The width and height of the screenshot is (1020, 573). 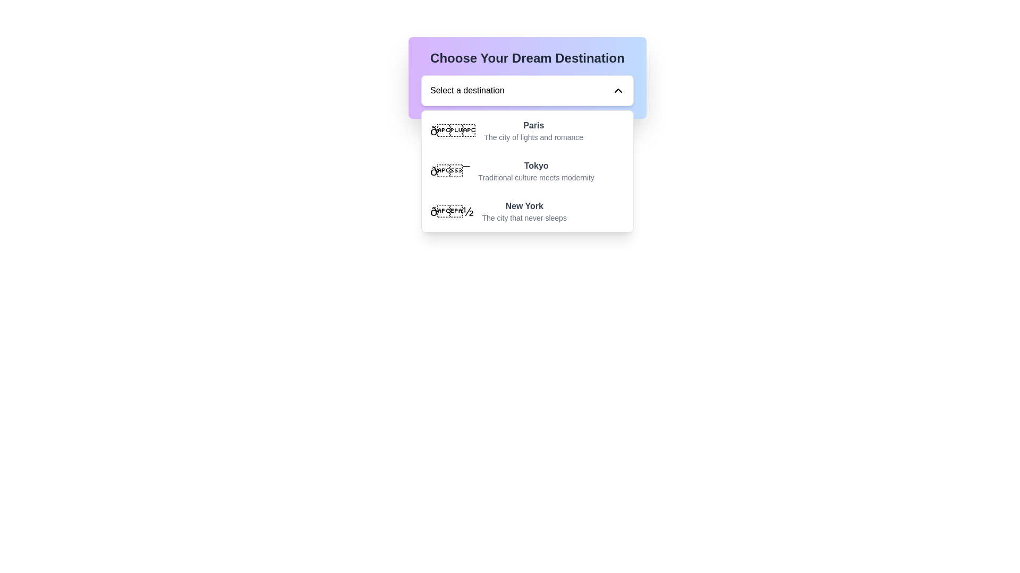 What do you see at coordinates (528, 171) in the screenshot?
I see `the highlighted dropdown menu option 'Tokyo'` at bounding box center [528, 171].